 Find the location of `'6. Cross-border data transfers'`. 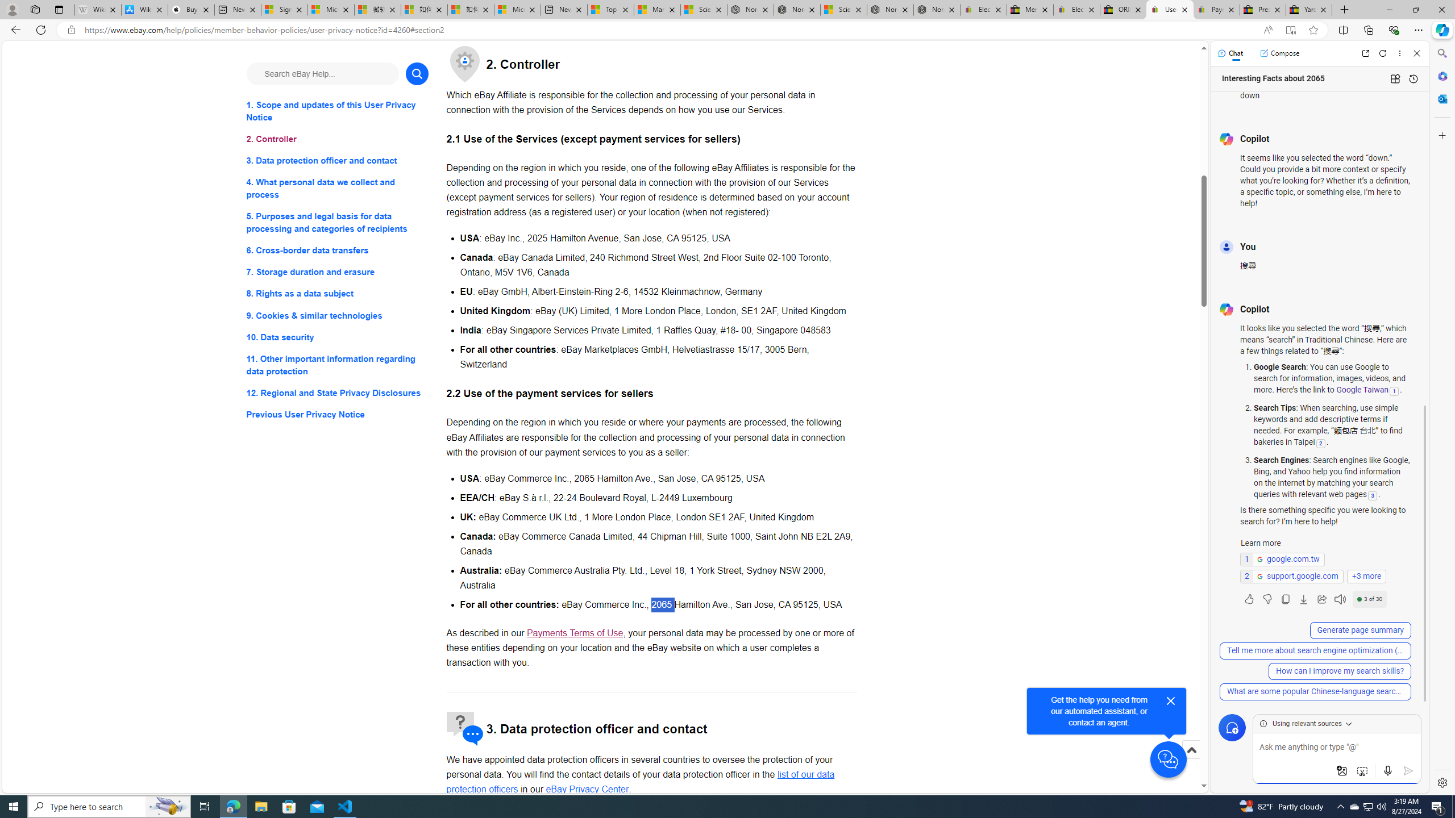

'6. Cross-border data transfers' is located at coordinates (336, 251).